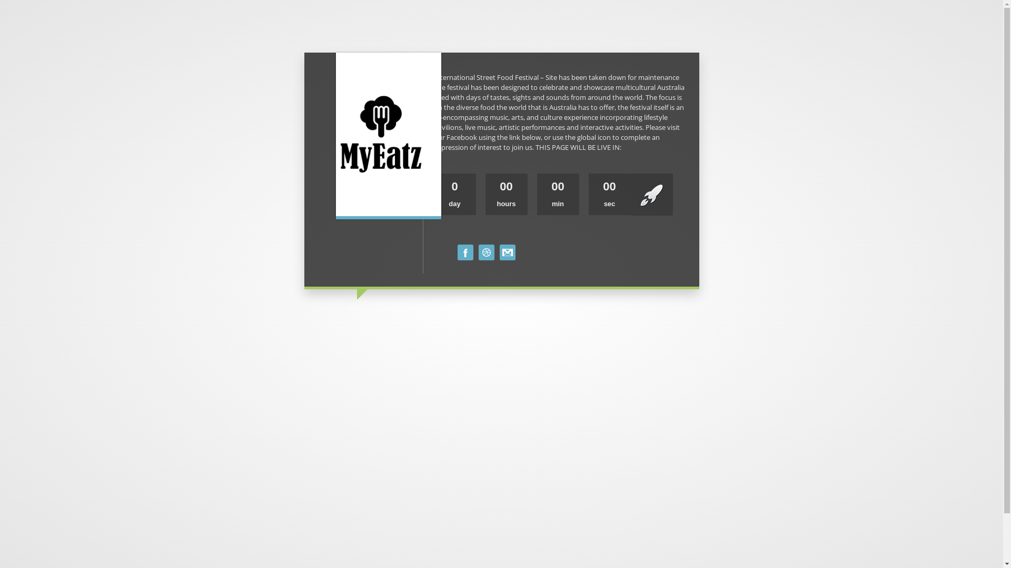 Image resolution: width=1011 pixels, height=568 pixels. I want to click on 'Rebrand', so click(380, 130).